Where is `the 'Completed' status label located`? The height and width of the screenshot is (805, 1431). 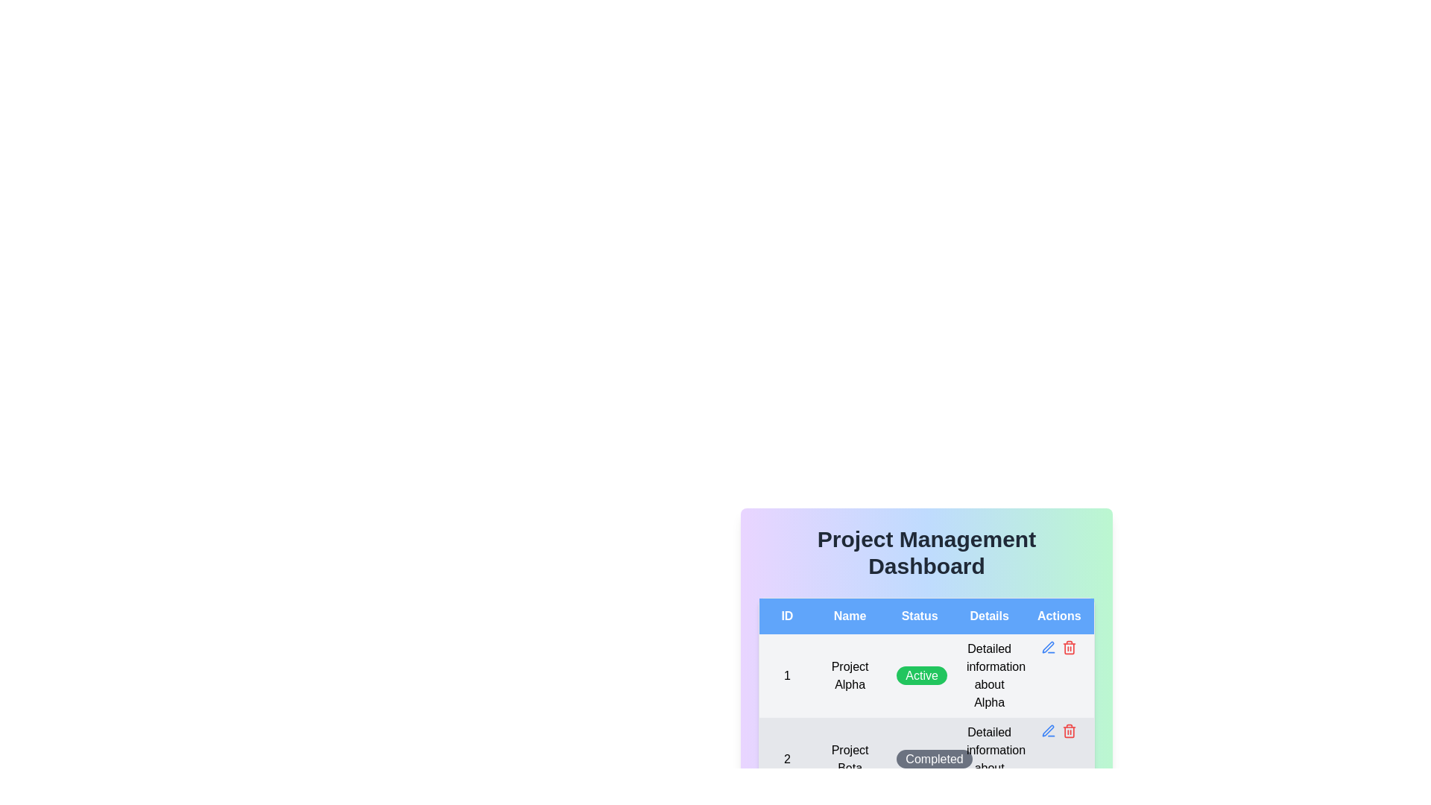
the 'Completed' status label located is located at coordinates (934, 759).